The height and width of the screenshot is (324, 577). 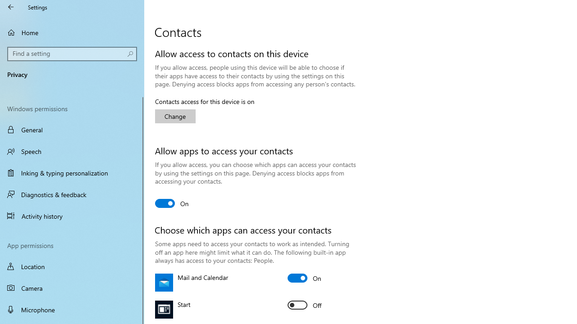 I want to click on 'Activity history', so click(x=72, y=216).